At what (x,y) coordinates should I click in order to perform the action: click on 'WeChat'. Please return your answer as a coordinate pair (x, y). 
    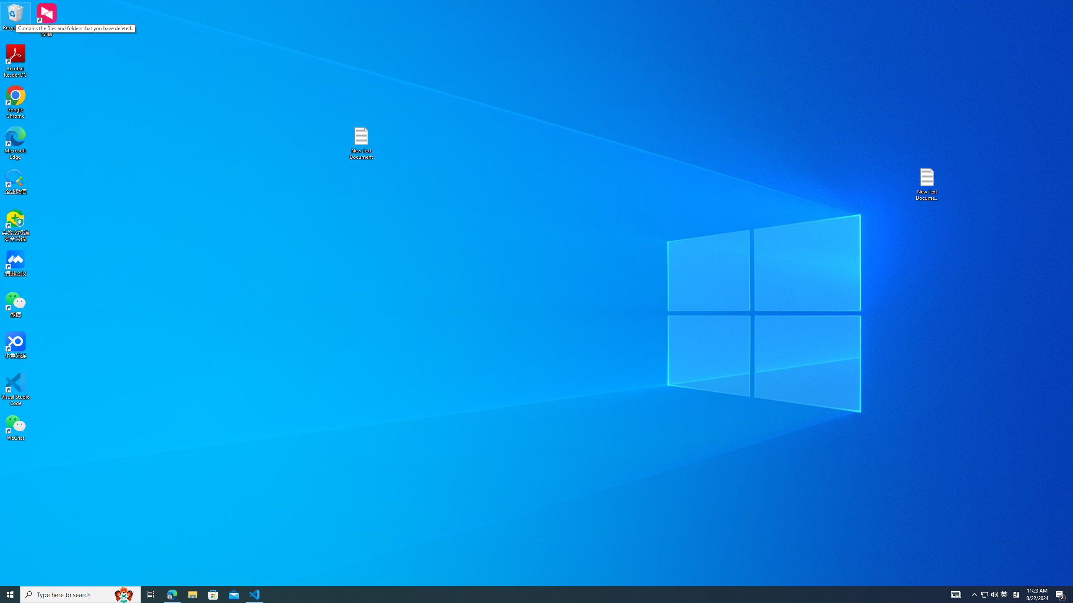
    Looking at the image, I should click on (15, 427).